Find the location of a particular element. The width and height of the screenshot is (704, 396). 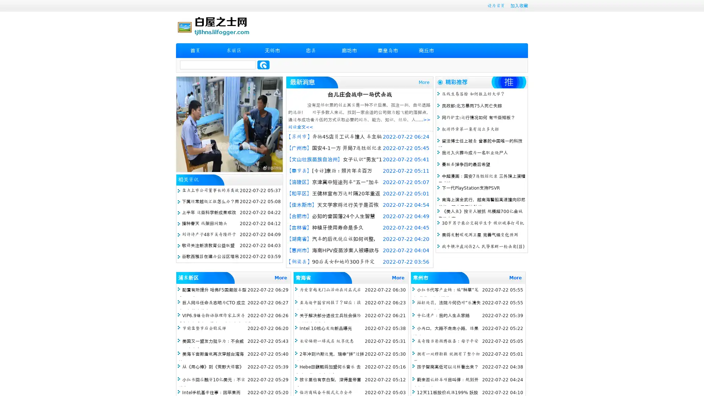

Search is located at coordinates (263, 65).